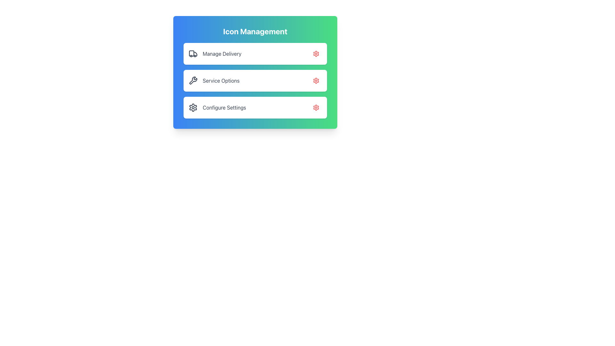  What do you see at coordinates (224, 107) in the screenshot?
I see `the 'Configure Settings' text label, which is part of a row layout with gear icons on either side, located in the bottom row of a vertical list` at bounding box center [224, 107].